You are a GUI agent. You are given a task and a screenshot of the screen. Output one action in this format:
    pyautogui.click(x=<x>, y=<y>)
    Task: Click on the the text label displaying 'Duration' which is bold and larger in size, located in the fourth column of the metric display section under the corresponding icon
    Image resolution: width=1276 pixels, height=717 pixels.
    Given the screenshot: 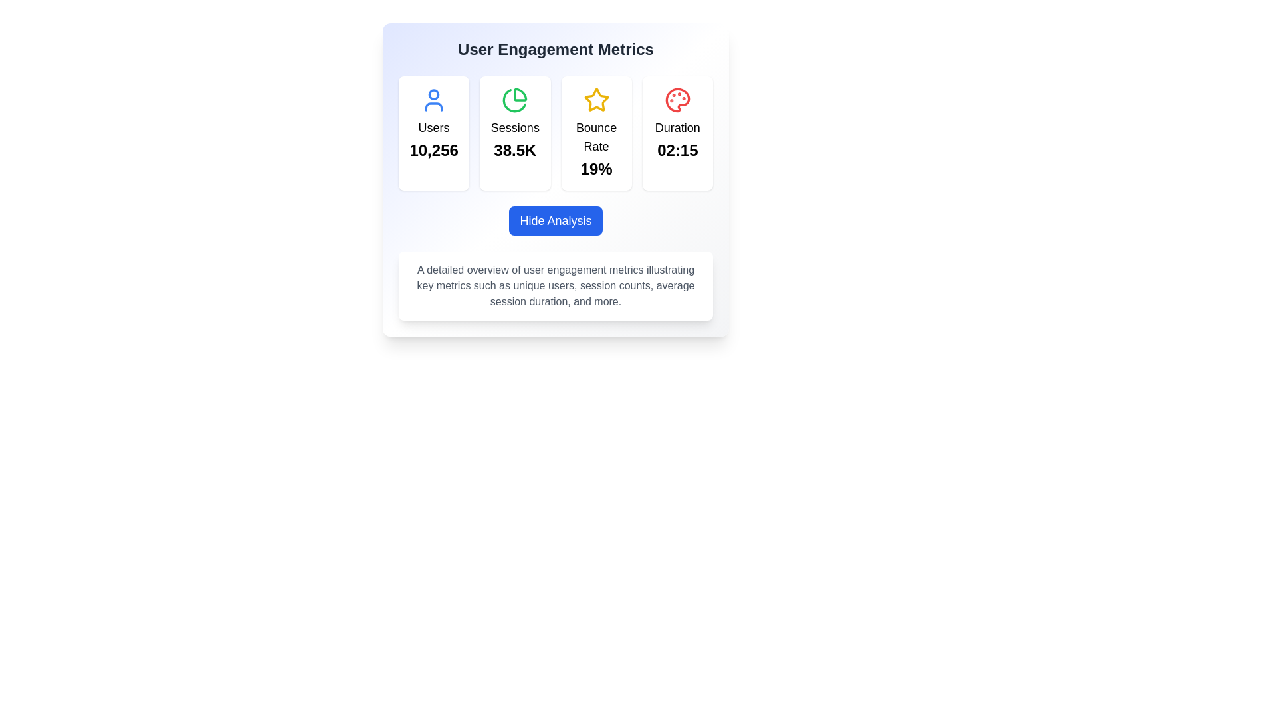 What is the action you would take?
    pyautogui.click(x=677, y=127)
    